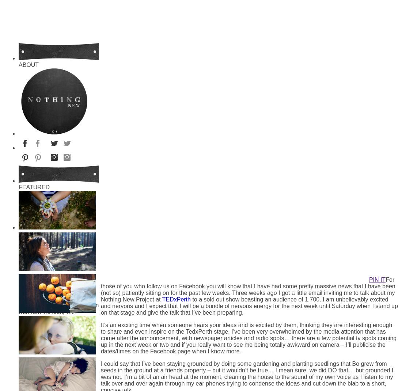 The height and width of the screenshot is (391, 402). I want to click on 'pictures of you.', so click(44, 366).